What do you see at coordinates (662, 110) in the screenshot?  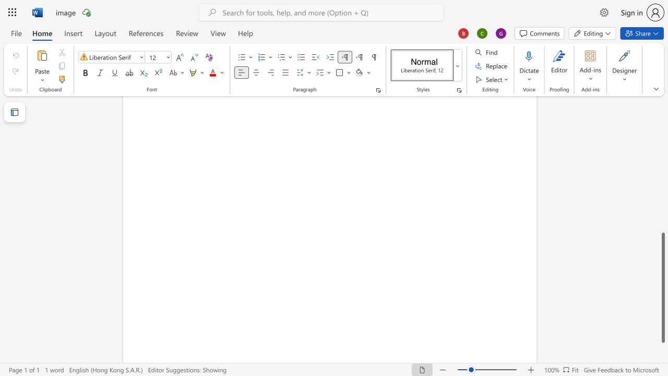 I see `the scrollbar to move the content higher` at bounding box center [662, 110].